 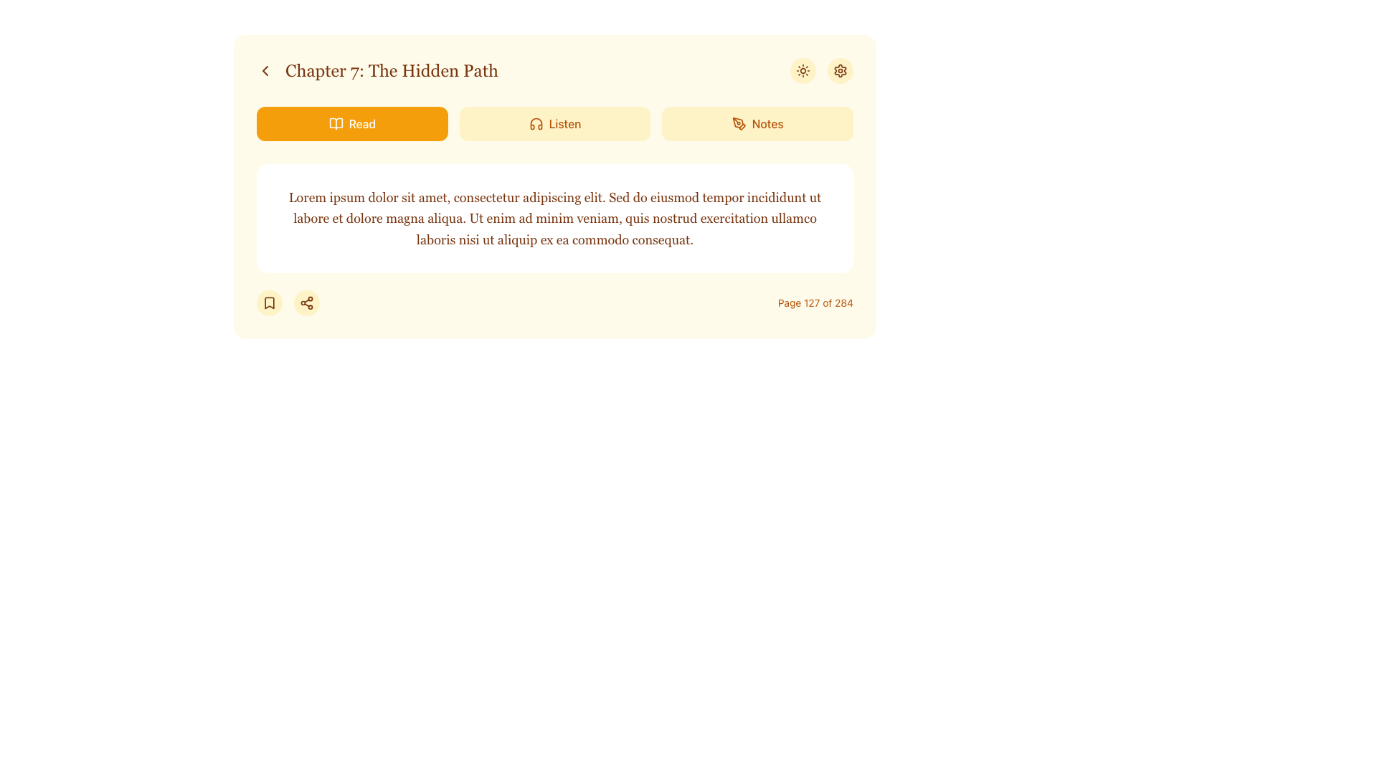 What do you see at coordinates (335, 123) in the screenshot?
I see `the open book icon, which is styled with a clean, minimalistic outline and is located leftmost in the 'Read' button group, adjacent to the label 'Read'` at bounding box center [335, 123].